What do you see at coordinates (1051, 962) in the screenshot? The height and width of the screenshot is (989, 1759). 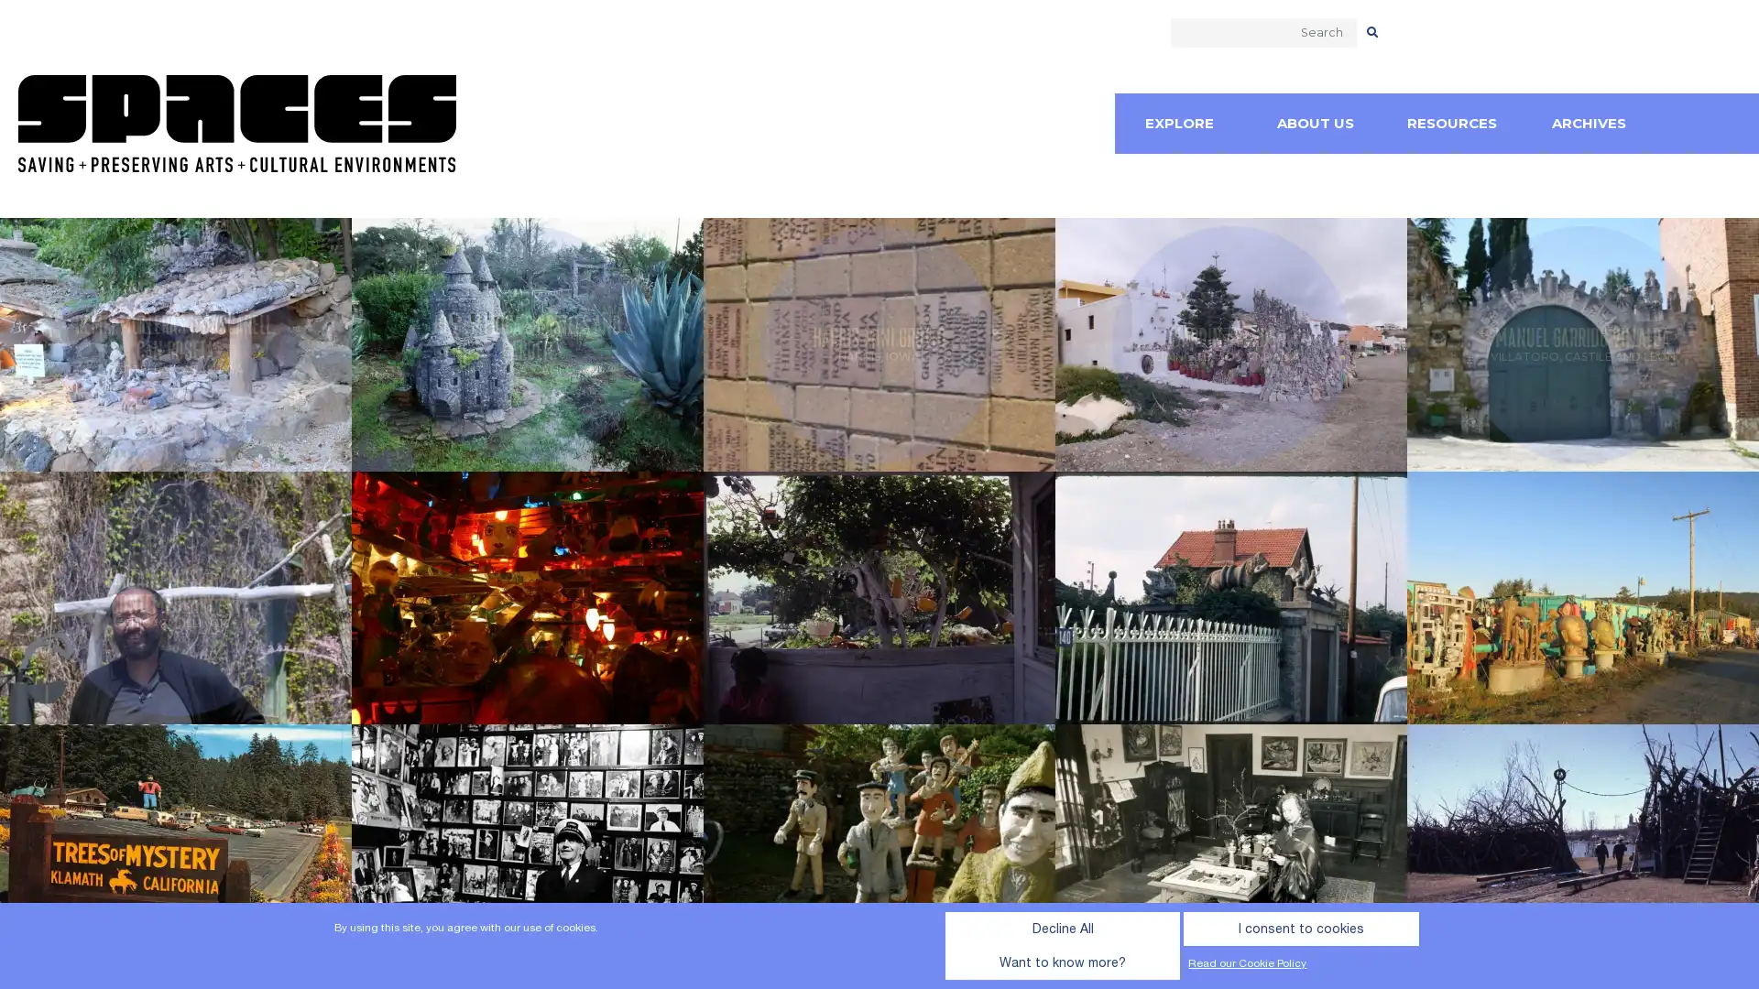 I see `I consent to cookies` at bounding box center [1051, 962].